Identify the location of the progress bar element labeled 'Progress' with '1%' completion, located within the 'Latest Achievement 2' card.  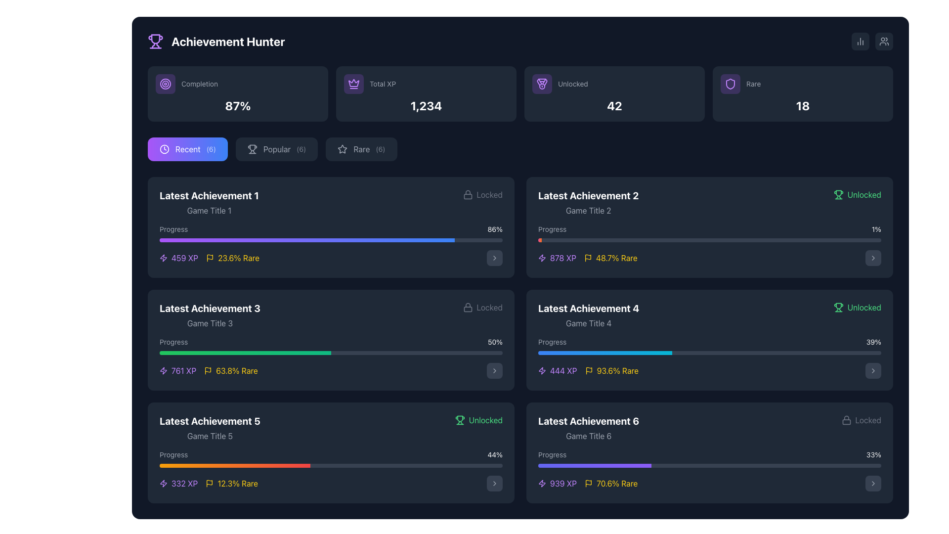
(709, 233).